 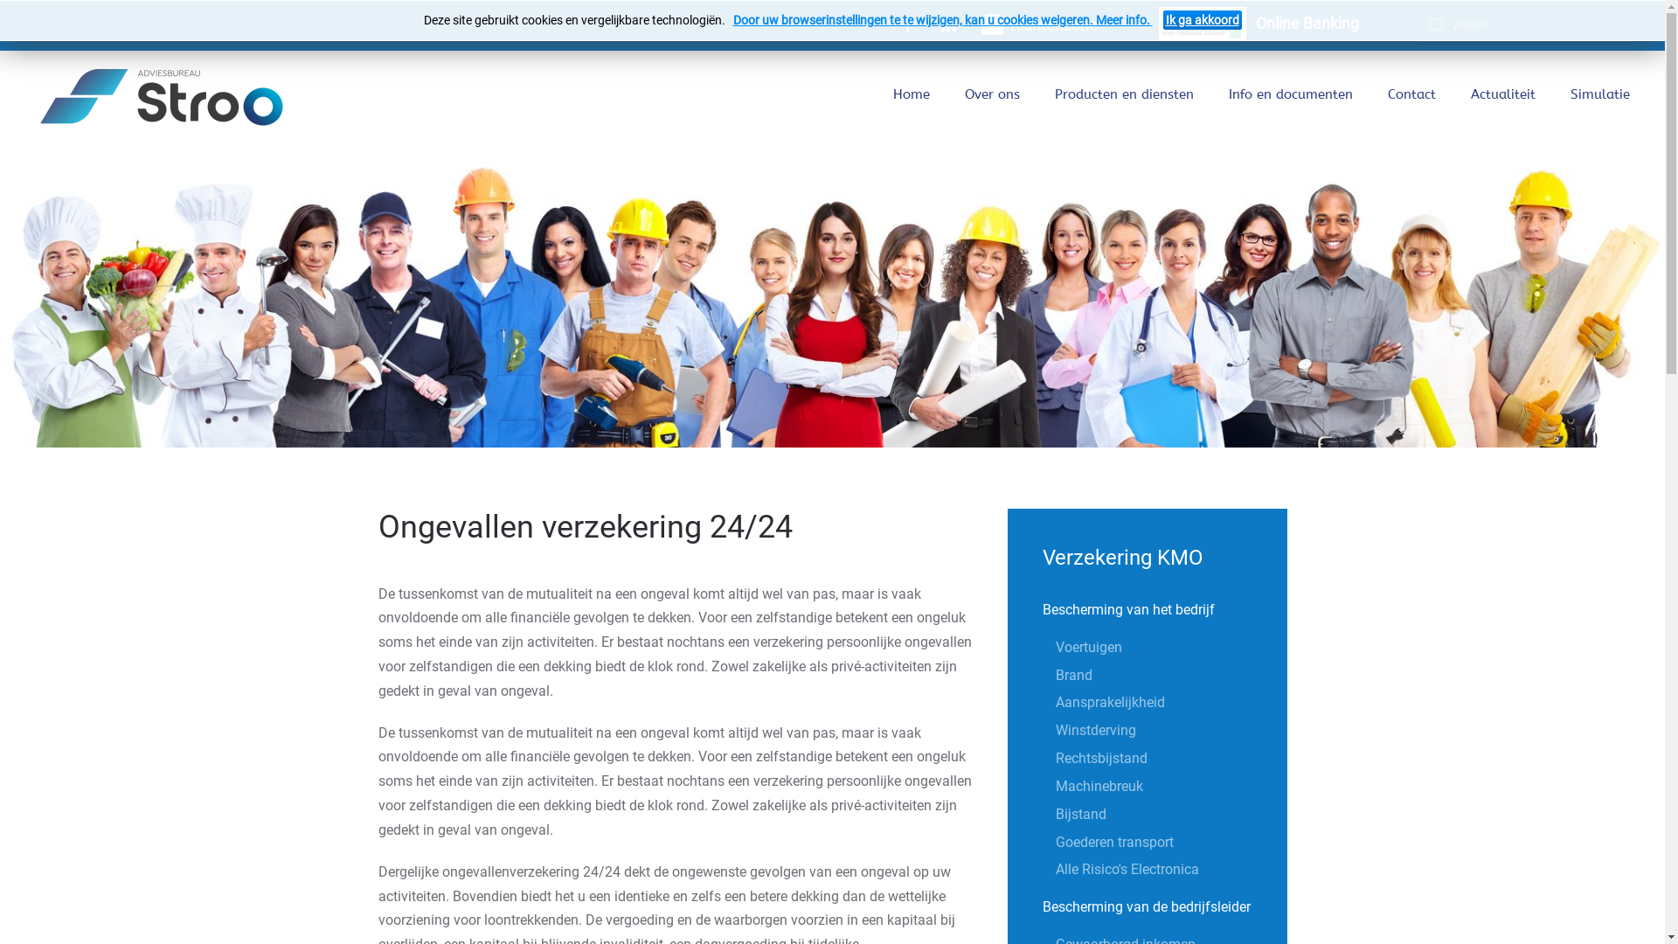 What do you see at coordinates (1387, 94) in the screenshot?
I see `'Contact'` at bounding box center [1387, 94].